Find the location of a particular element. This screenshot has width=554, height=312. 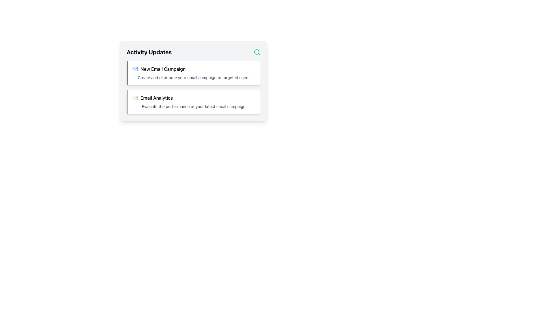

the visual representation of the email envelope icon, which is part of the email analytics section under 'Activity Updates' is located at coordinates (135, 98).